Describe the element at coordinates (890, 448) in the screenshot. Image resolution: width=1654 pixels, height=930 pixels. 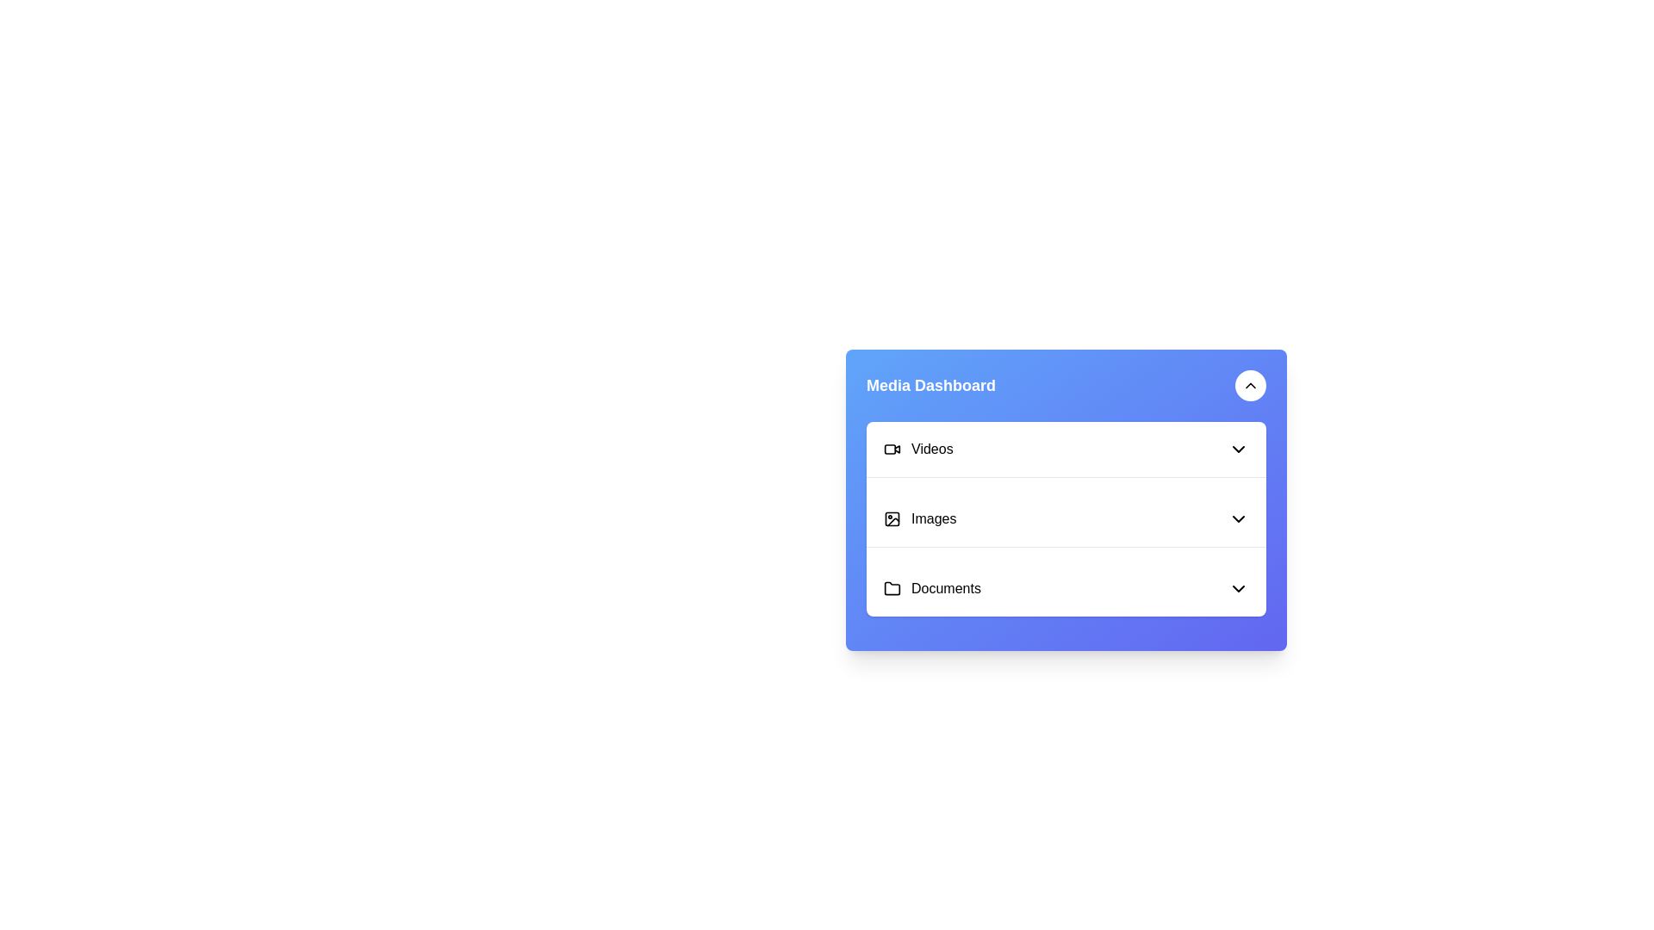
I see `the video camera icon component located in the top-left corner of the 'Videos' row in the 'Media Dashboard' card` at that location.